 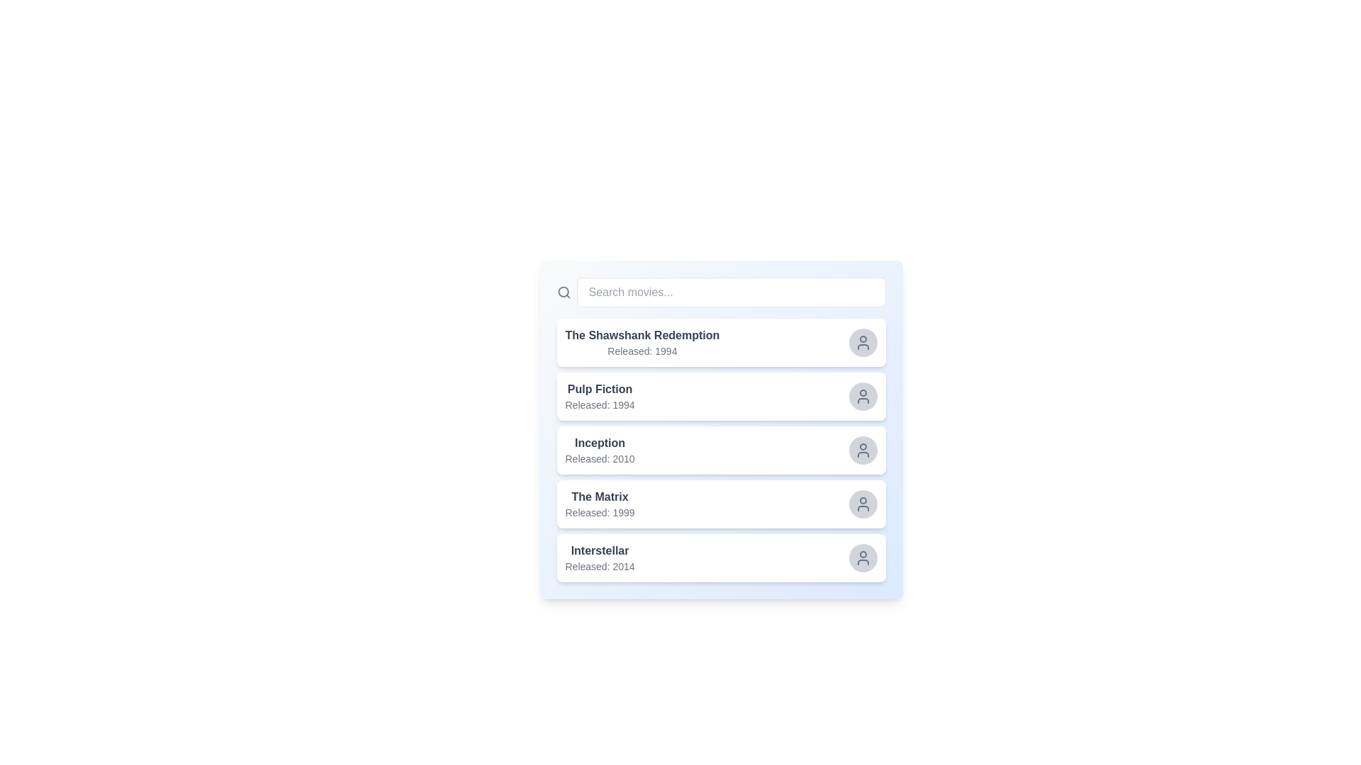 I want to click on the SVG icon resembling a user's silhouette within the rounded button on the right side of the list item displaying 'Pulp Fiction - Released: 1994', so click(x=862, y=396).